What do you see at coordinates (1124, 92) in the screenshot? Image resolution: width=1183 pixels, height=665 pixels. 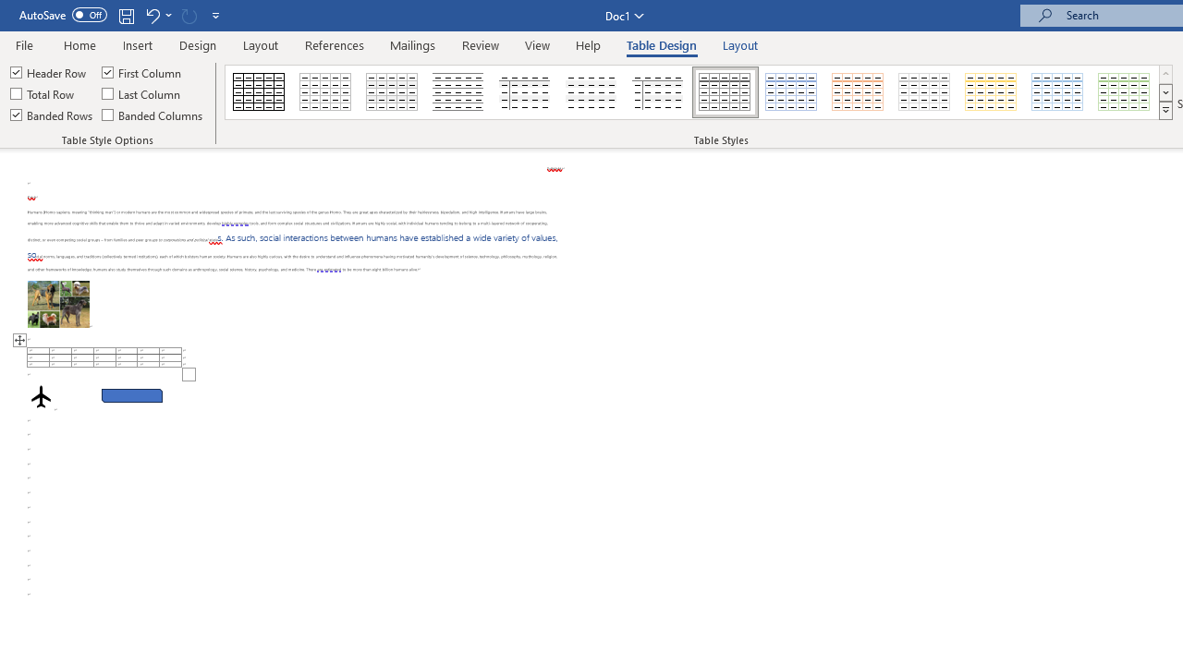 I see `'Grid Table 1 Light - Accent 6'` at bounding box center [1124, 92].